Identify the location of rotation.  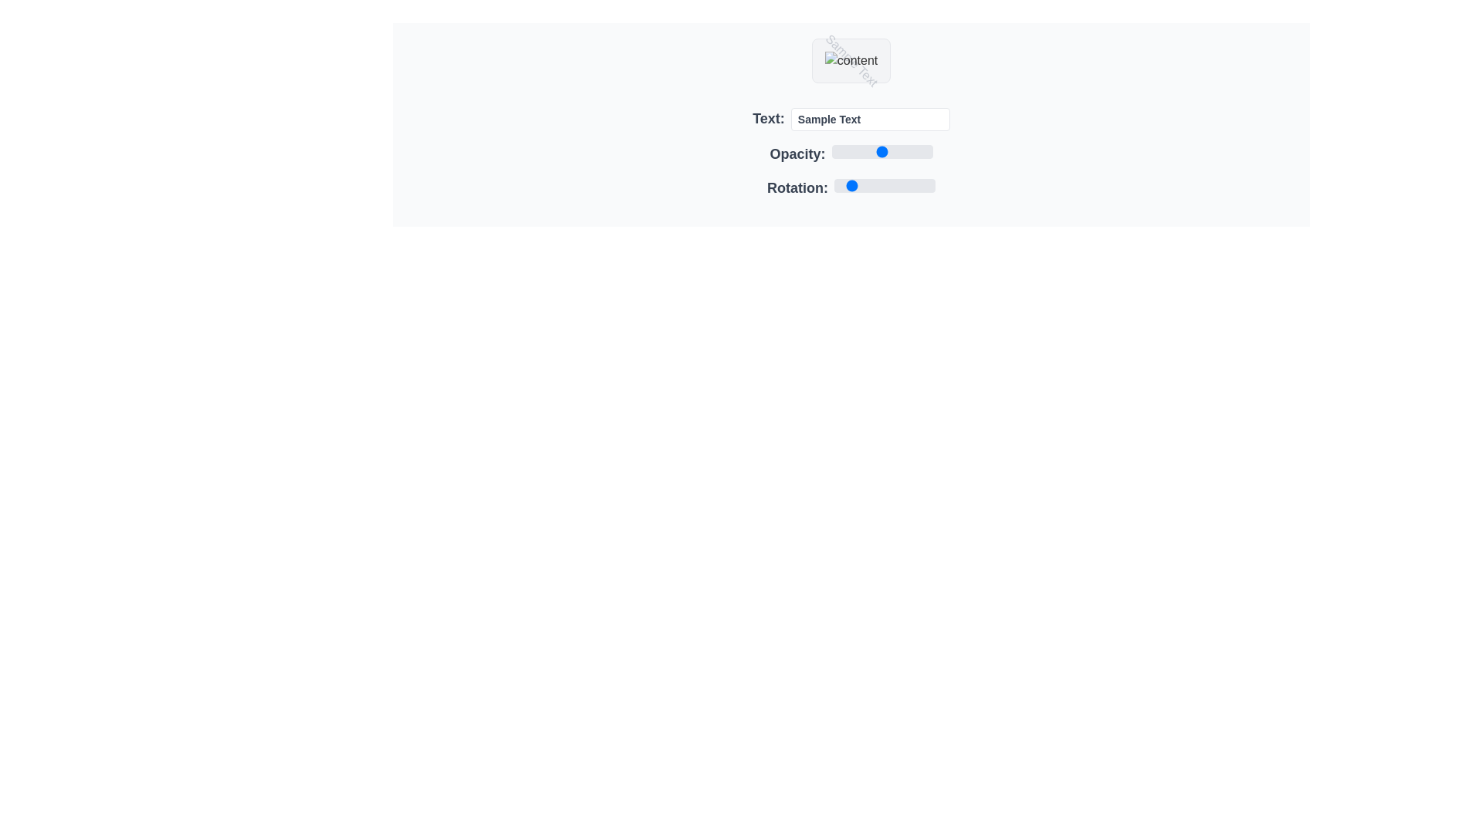
(901, 184).